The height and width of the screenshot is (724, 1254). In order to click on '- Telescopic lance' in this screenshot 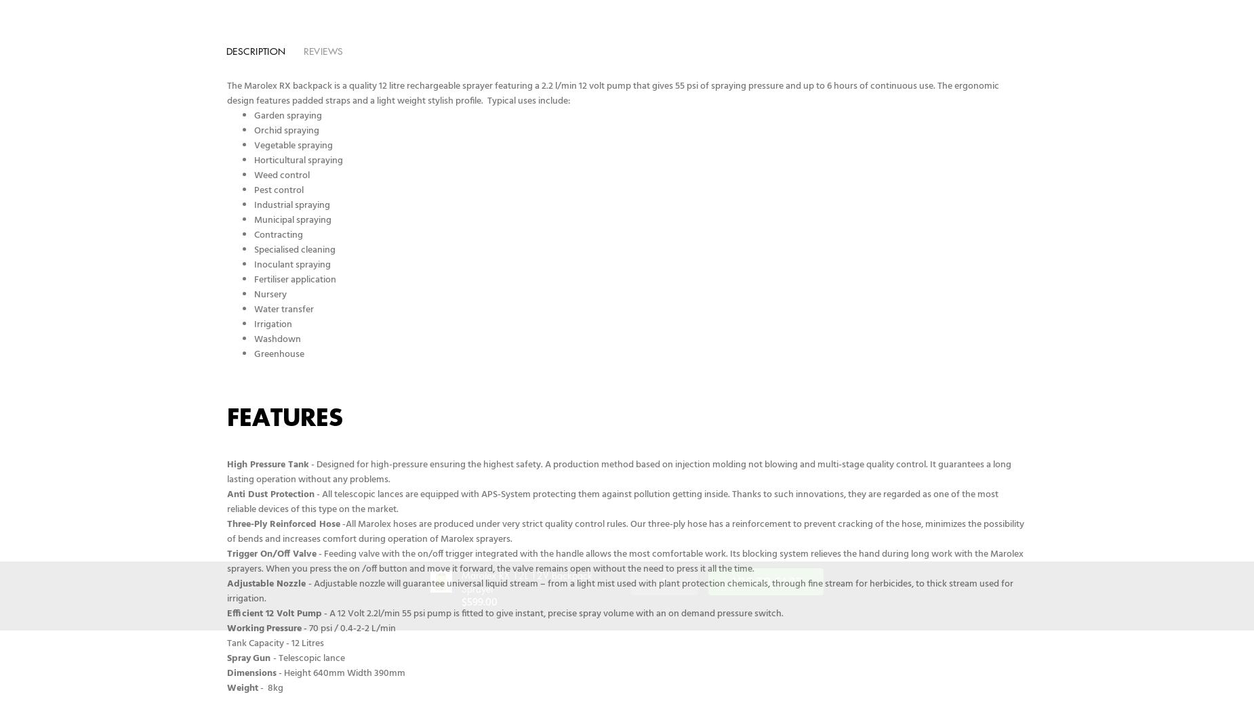, I will do `click(272, 658)`.